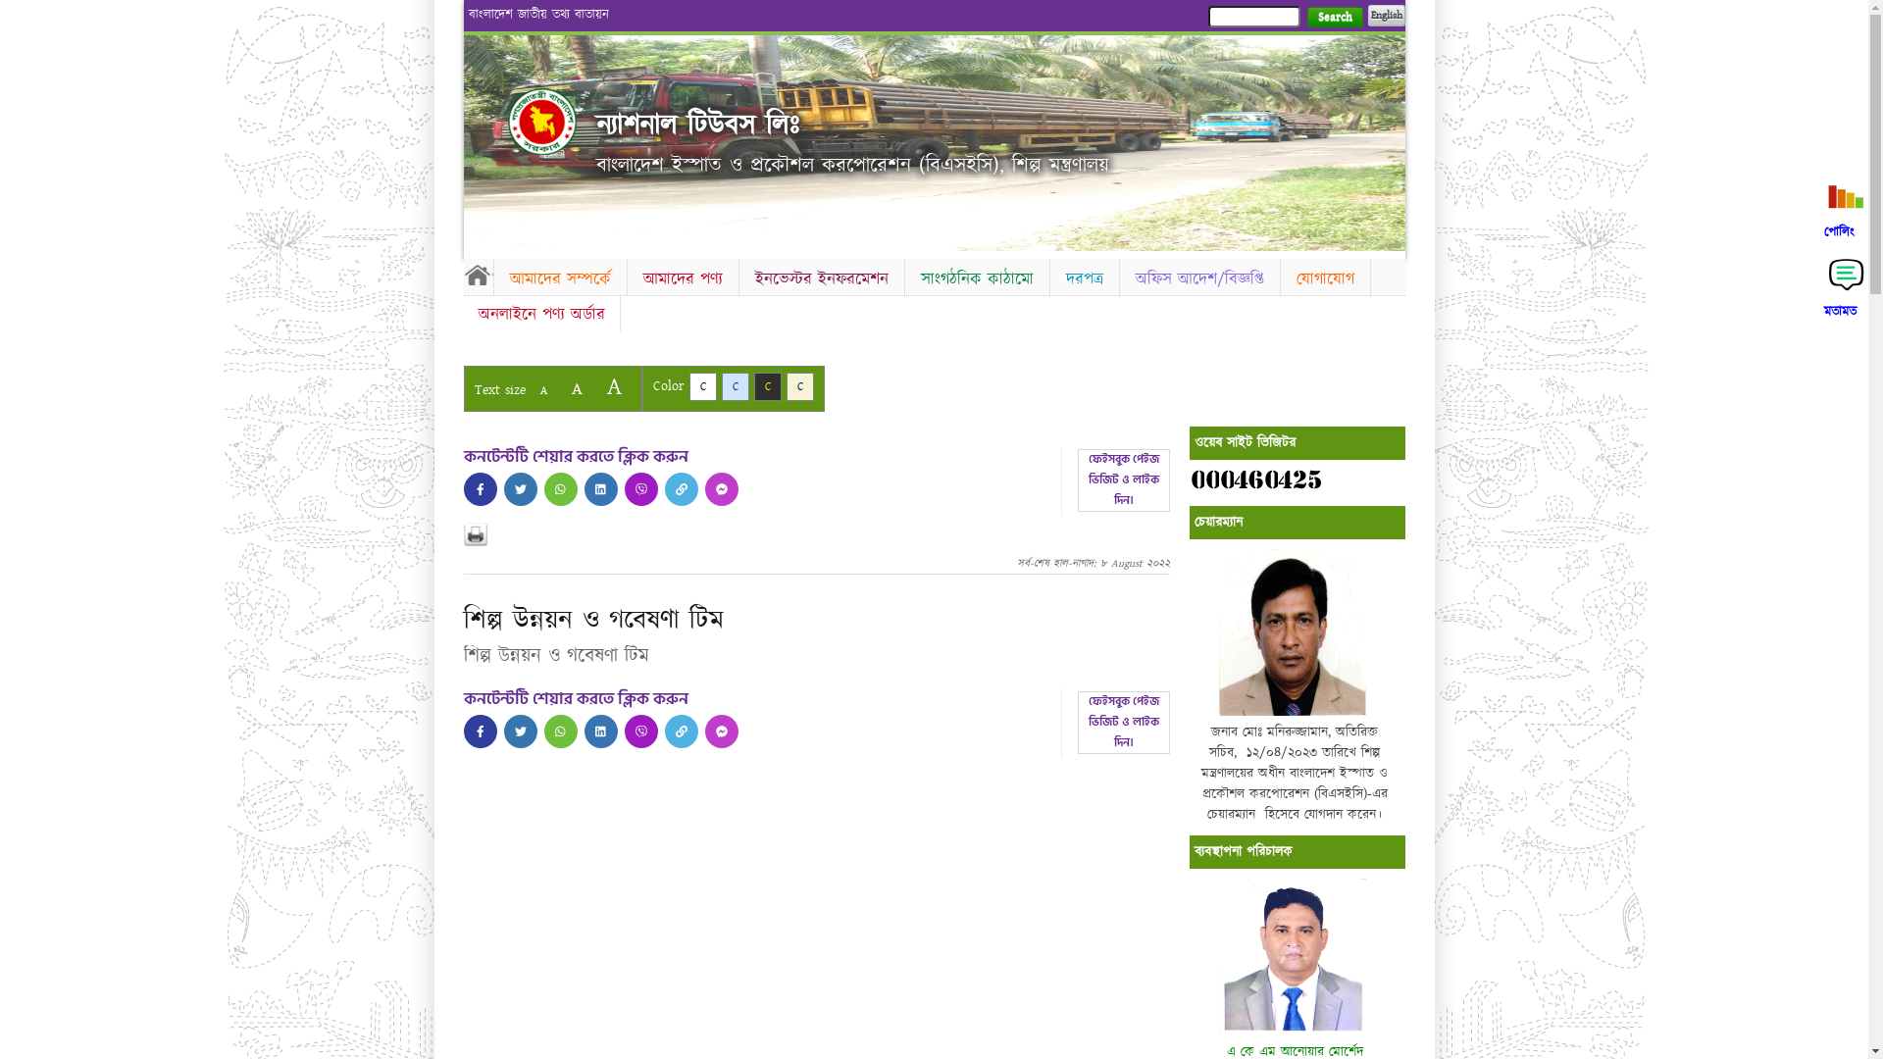  I want to click on 'A', so click(612, 386).